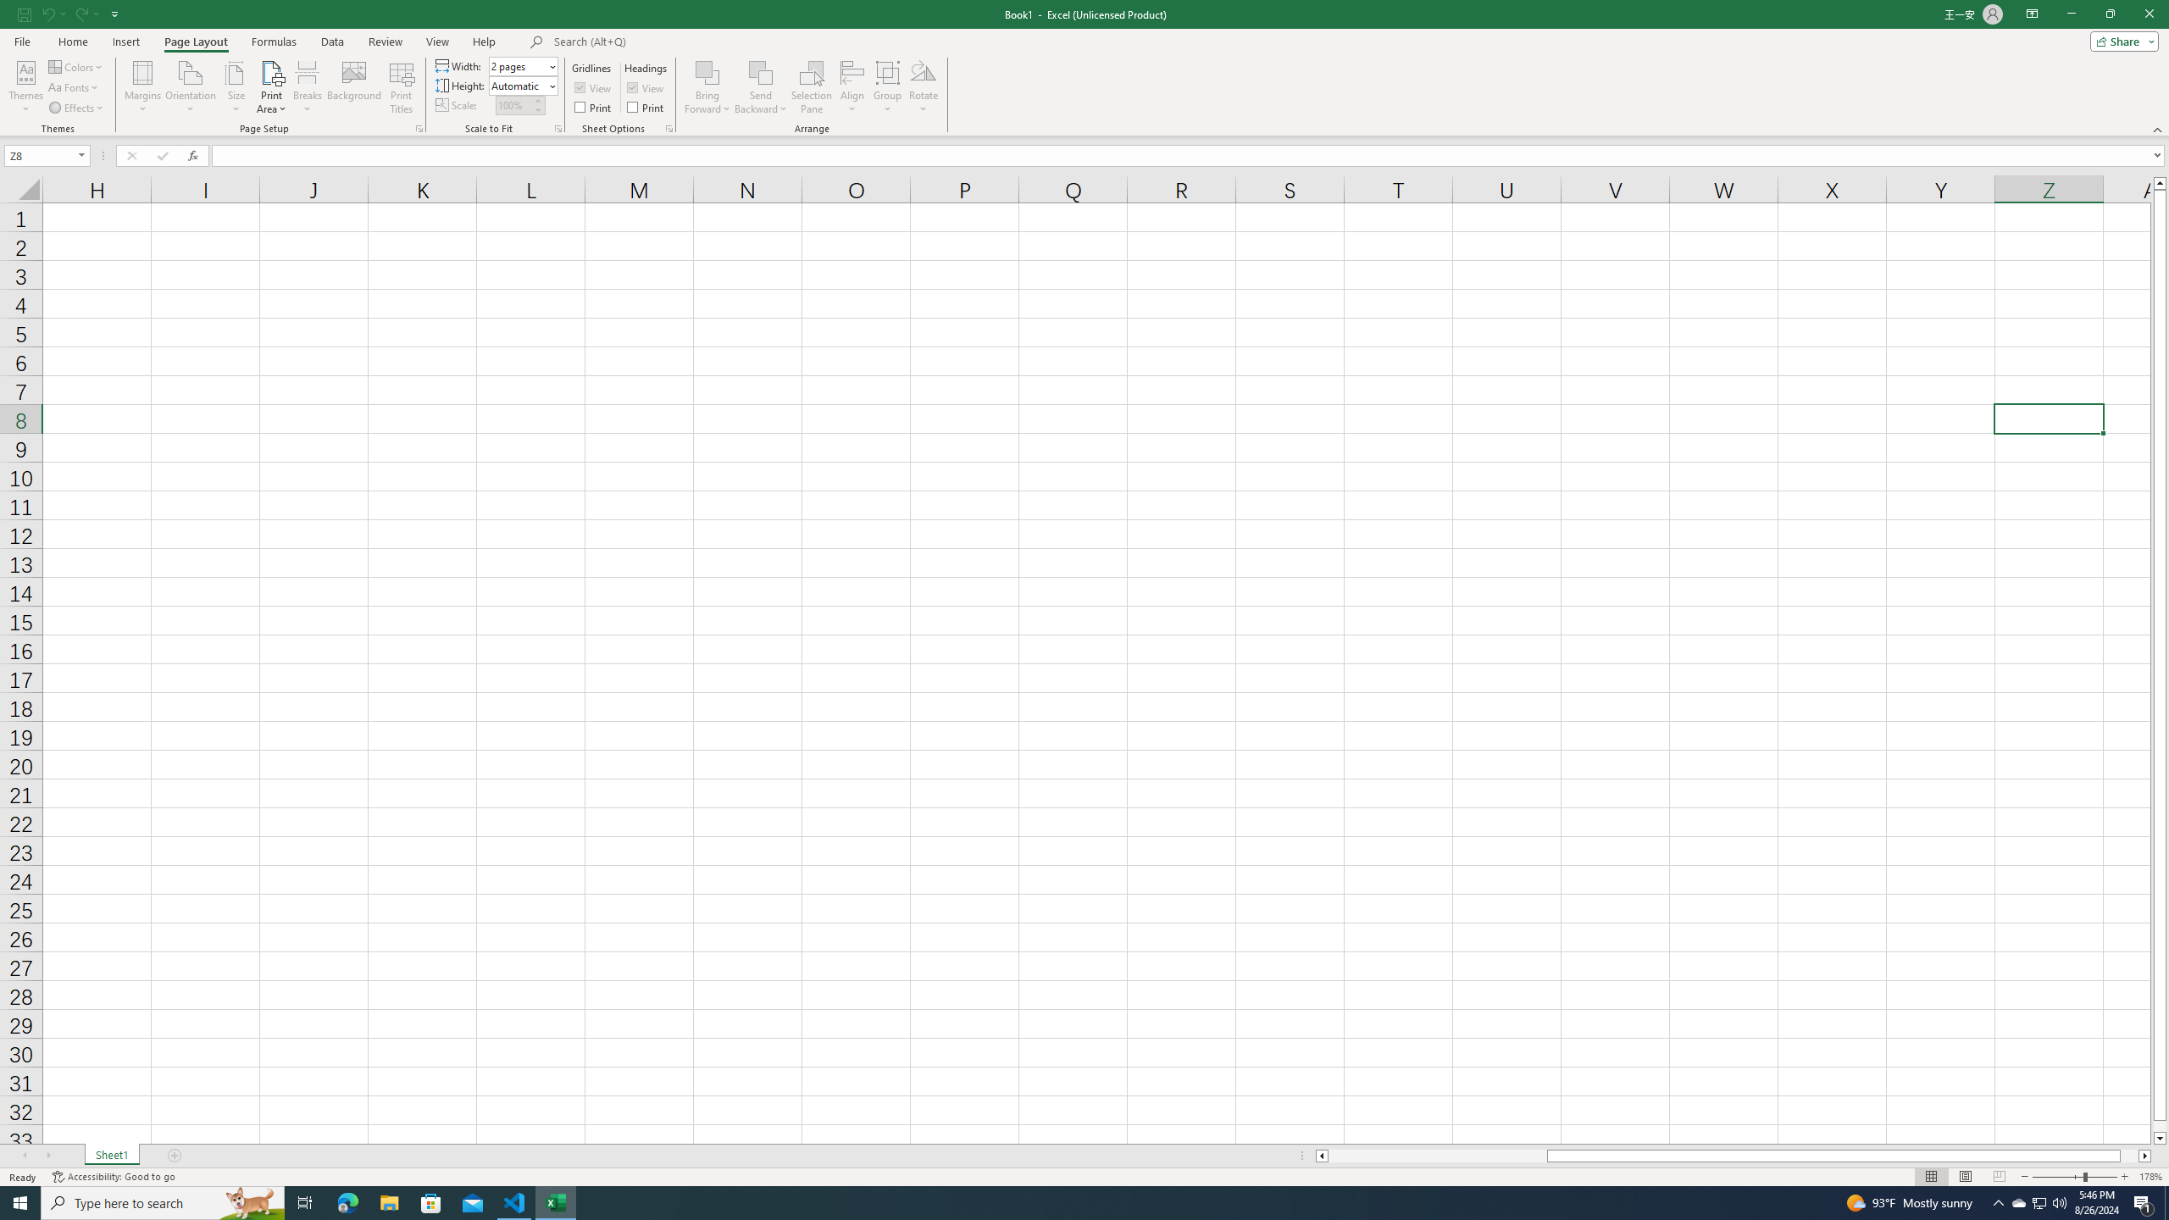 Image resolution: width=2169 pixels, height=1220 pixels. I want to click on 'Scale', so click(513, 104).